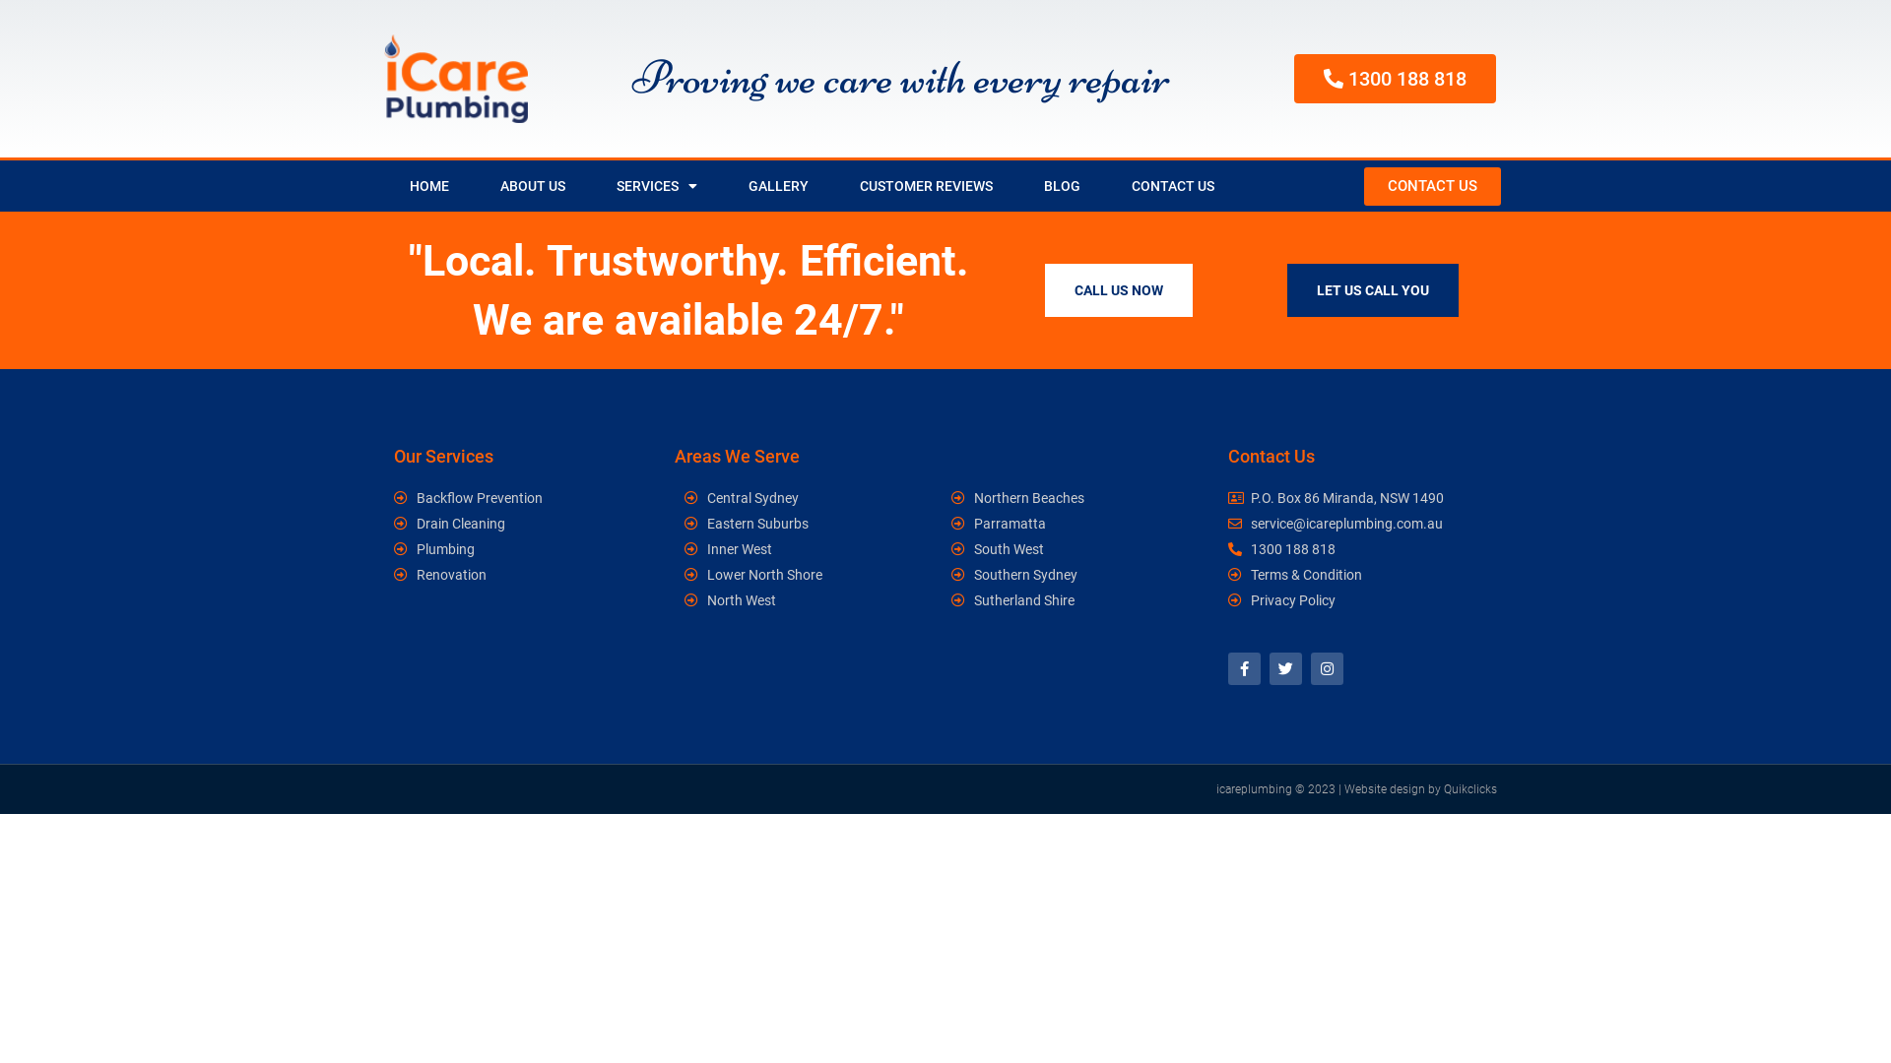 This screenshot has height=1063, width=1891. What do you see at coordinates (685, 574) in the screenshot?
I see `'Lower North Shore'` at bounding box center [685, 574].